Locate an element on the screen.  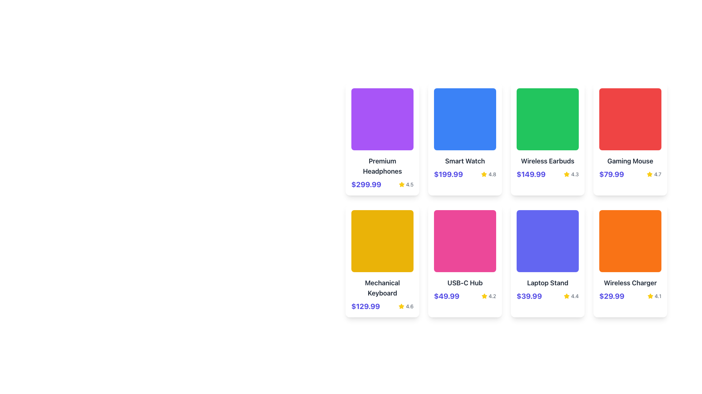
the Static Text Label displaying the price '$29.99' for the 'Wireless Charger', which is centrally located at the bottom of the product card is located at coordinates (612, 296).